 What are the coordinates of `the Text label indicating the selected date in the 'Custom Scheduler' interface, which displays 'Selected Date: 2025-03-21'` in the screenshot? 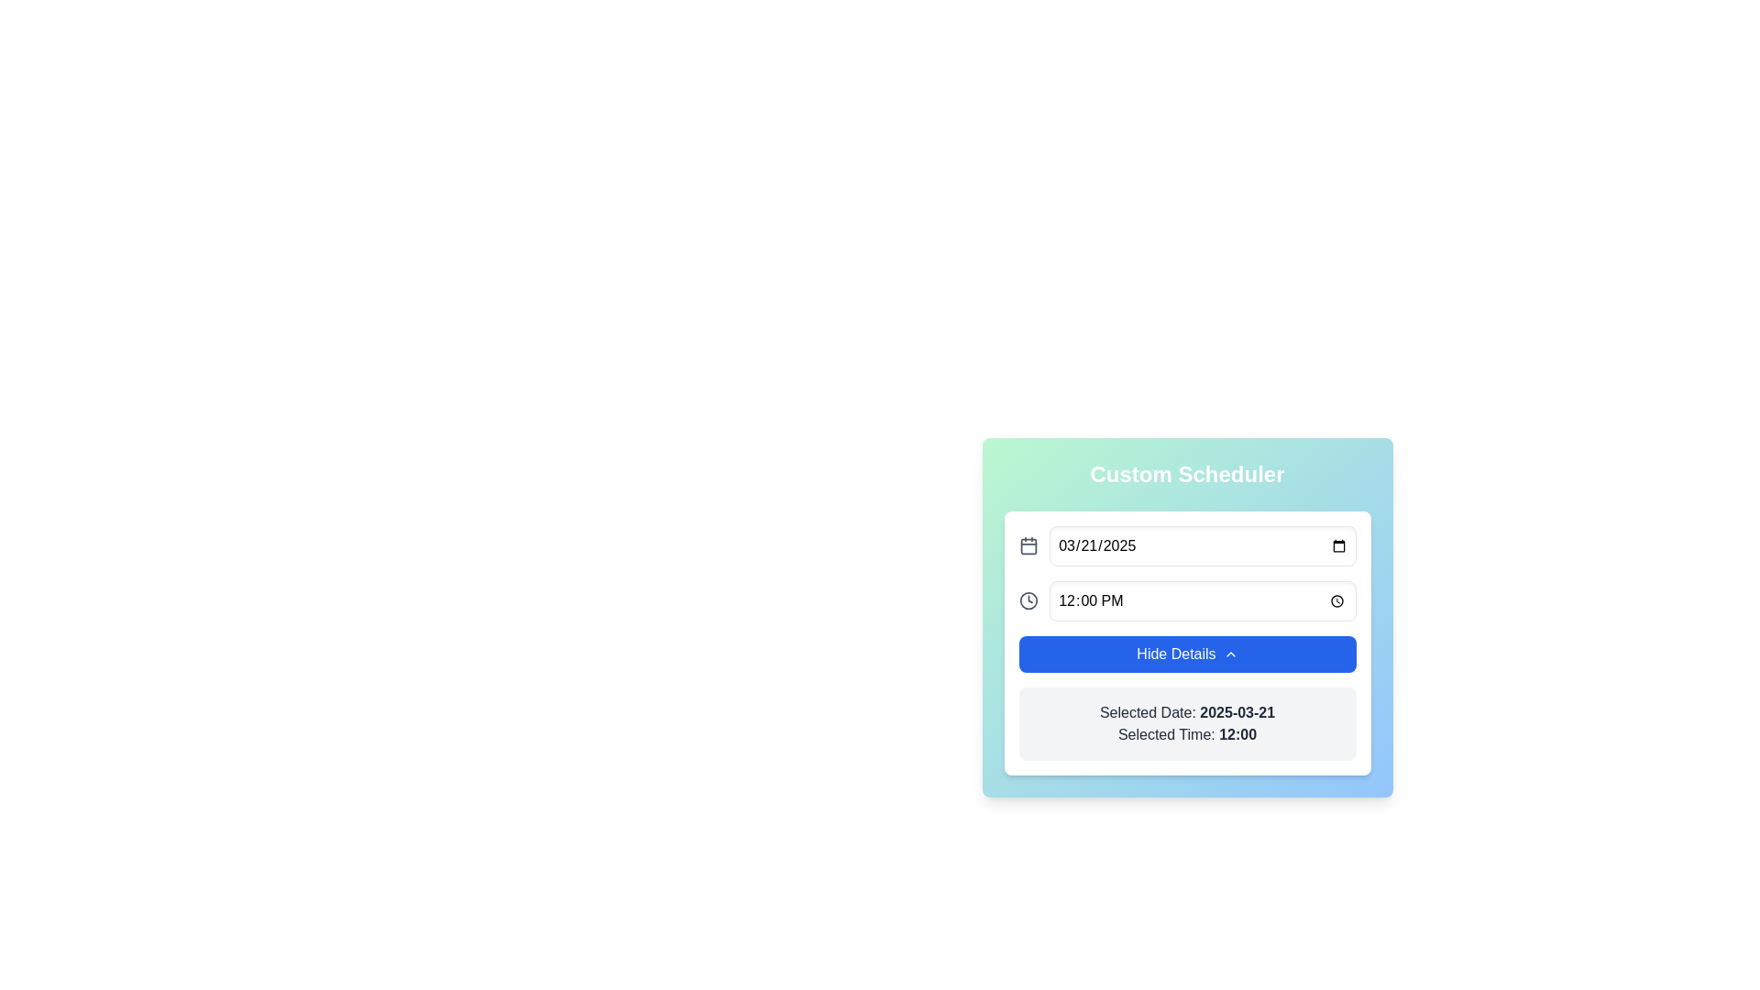 It's located at (1237, 711).